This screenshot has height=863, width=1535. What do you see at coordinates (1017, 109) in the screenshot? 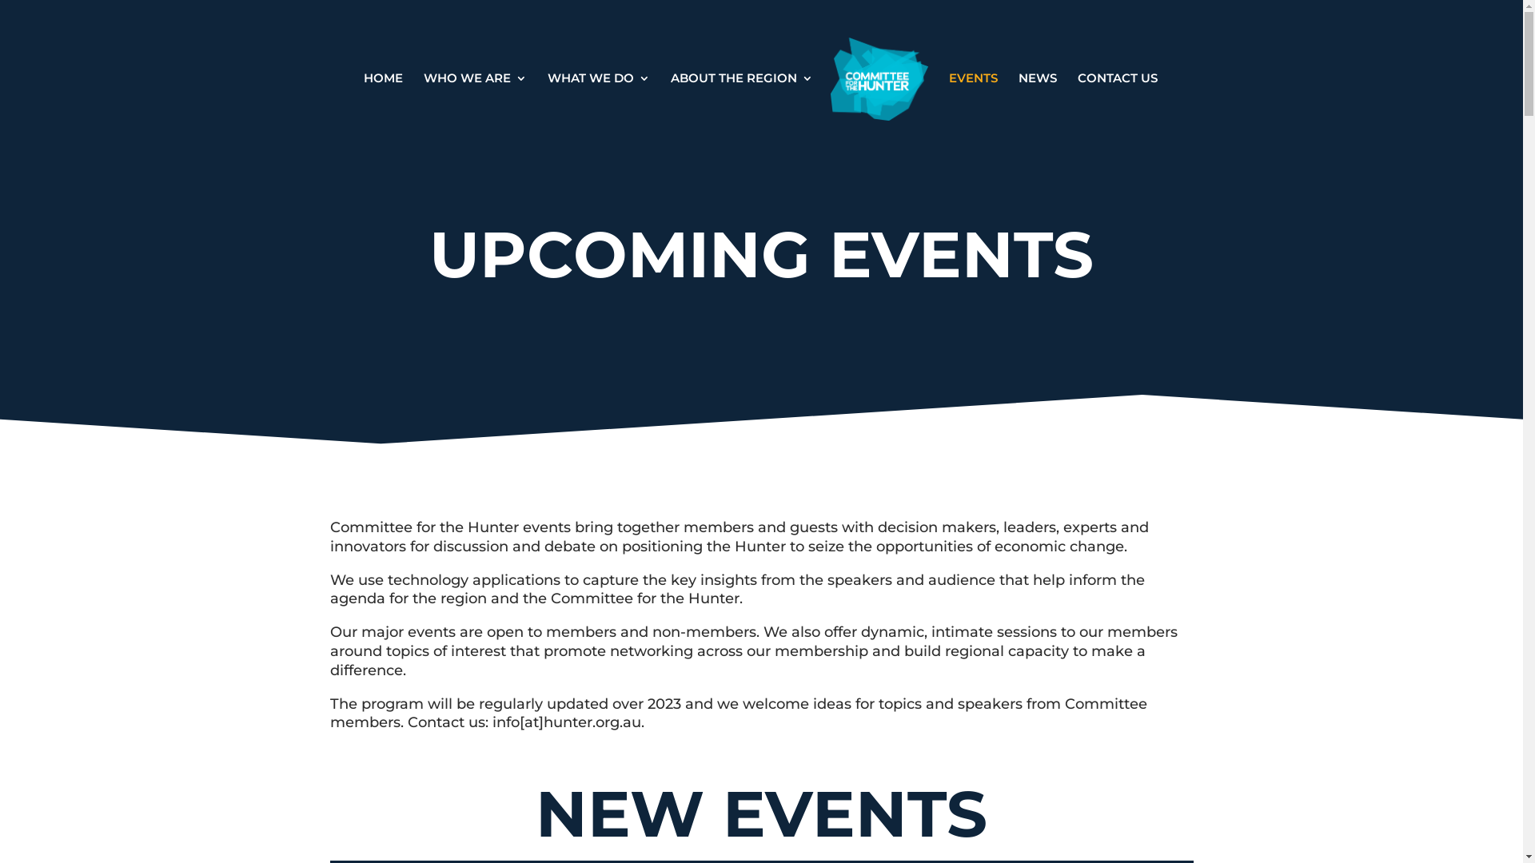
I see `'NEWS'` at bounding box center [1017, 109].